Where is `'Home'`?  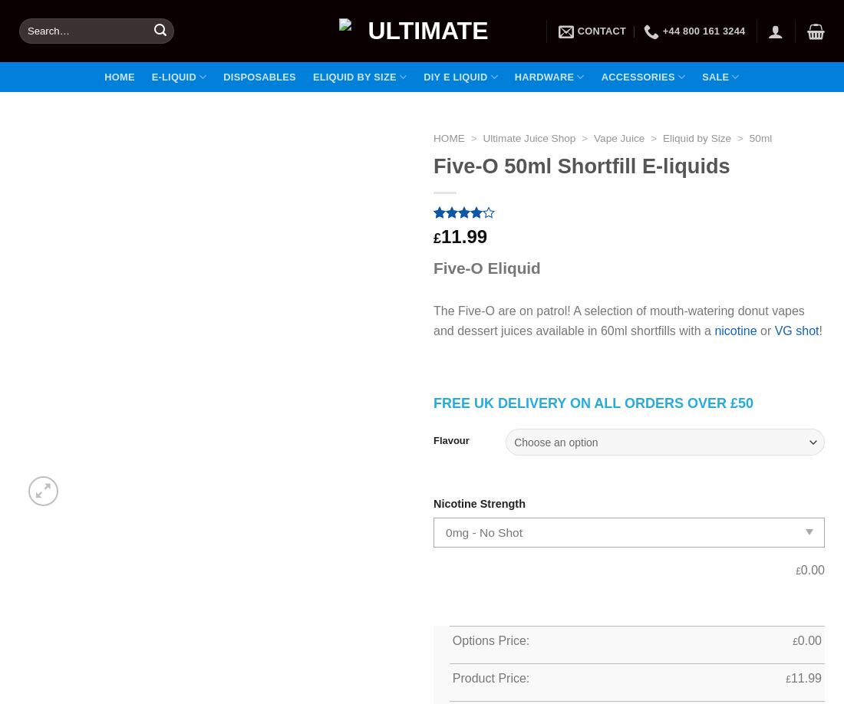 'Home' is located at coordinates (118, 76).